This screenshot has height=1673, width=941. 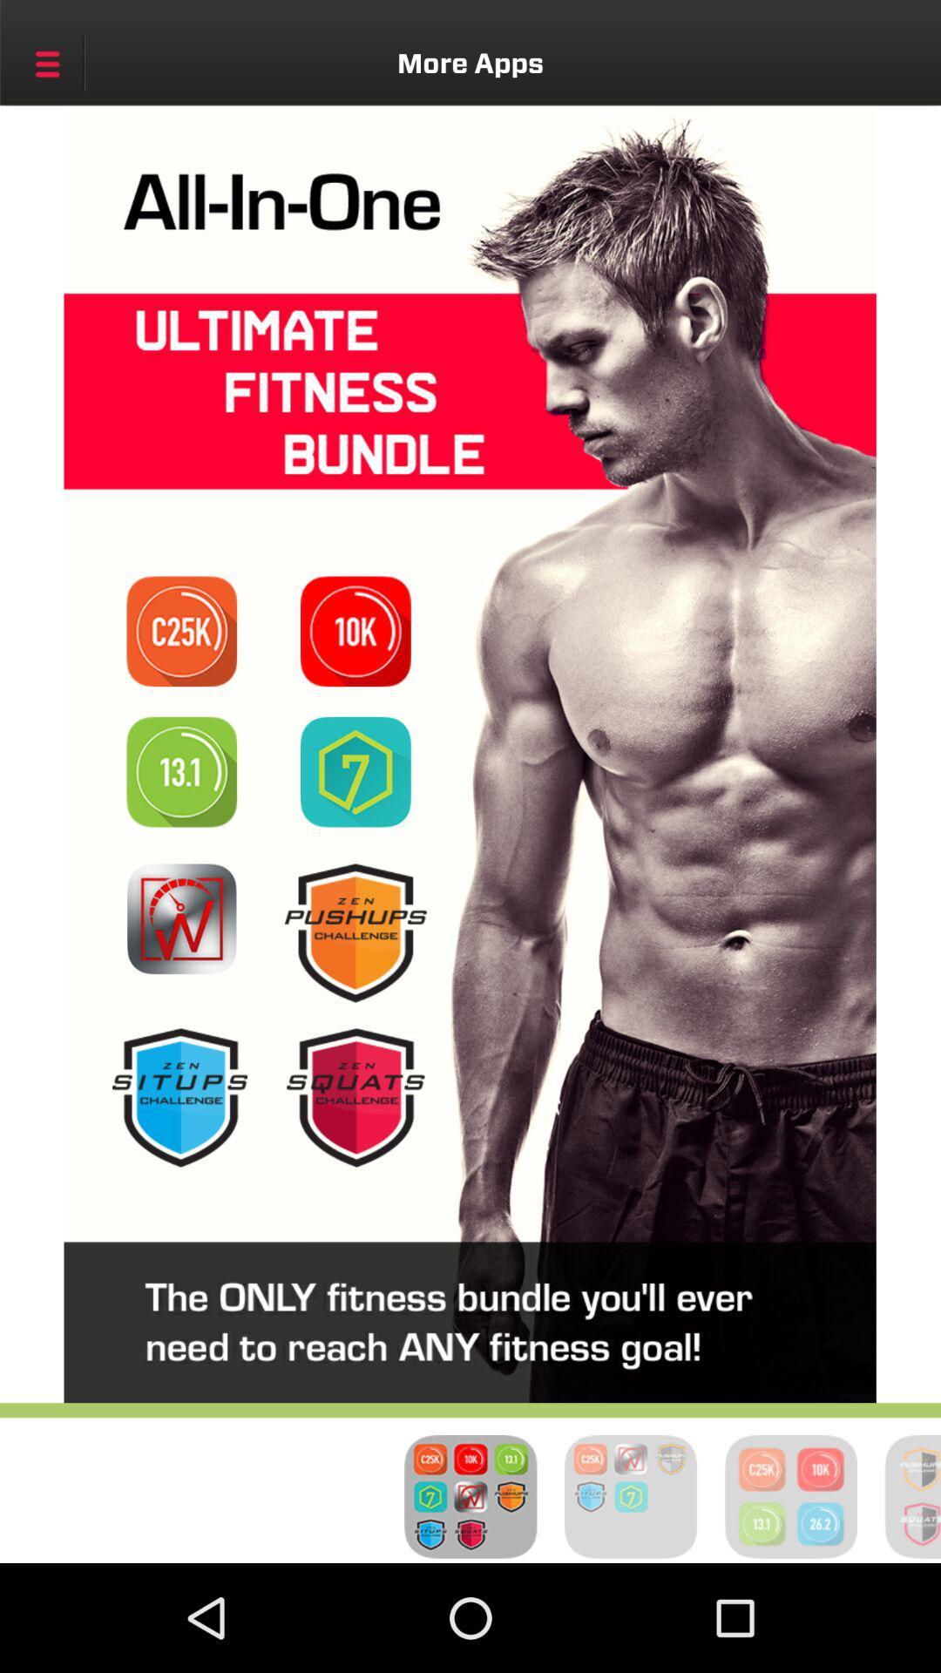 I want to click on push-up challenges, so click(x=355, y=931).